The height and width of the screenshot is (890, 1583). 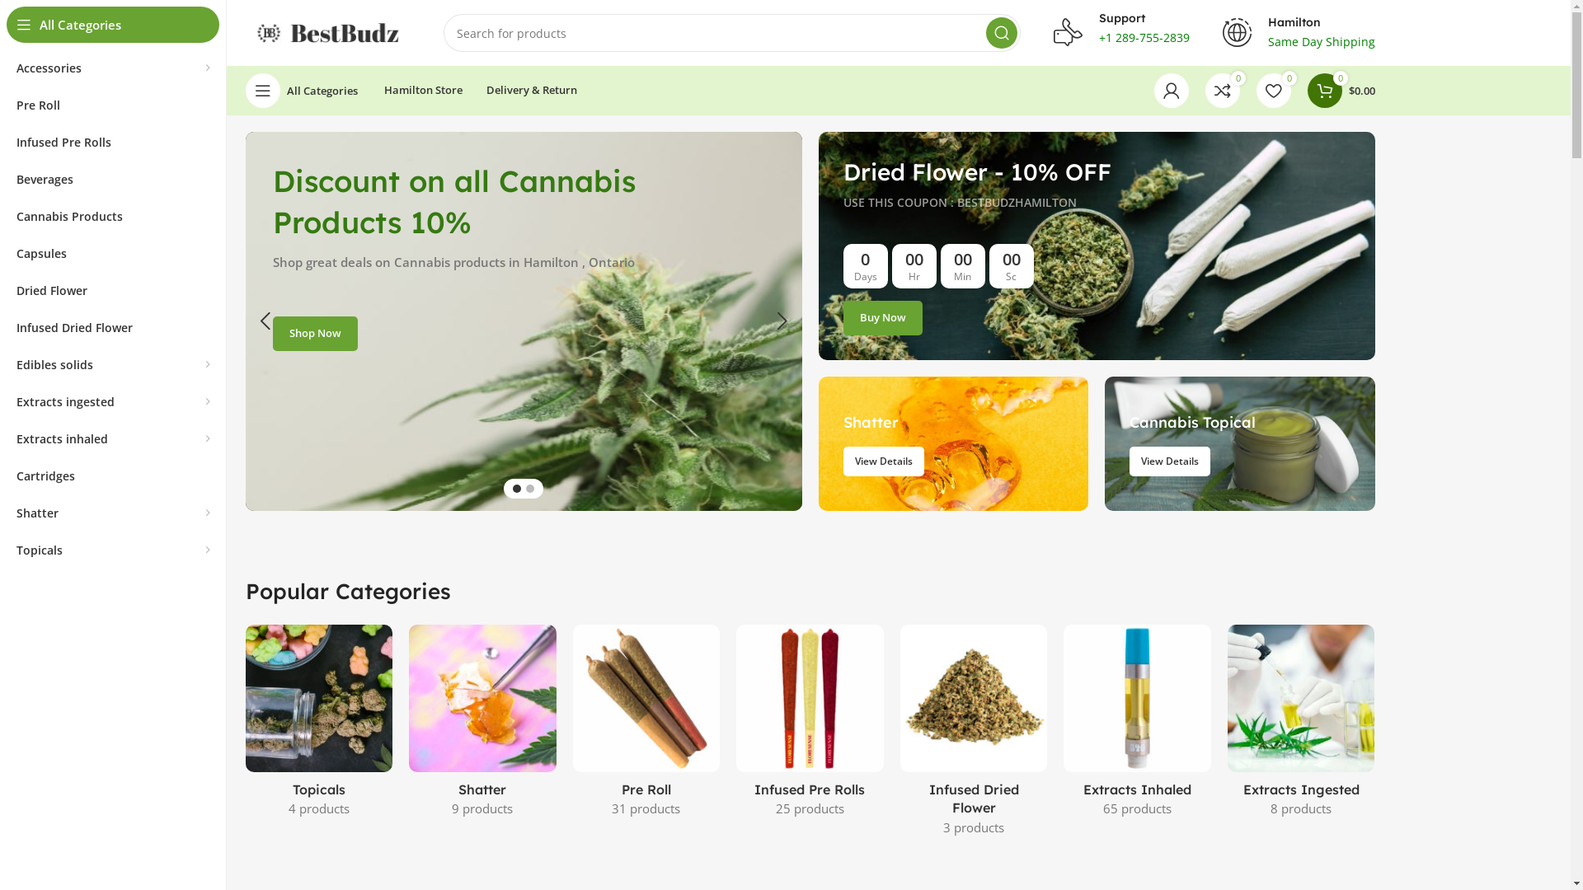 I want to click on '0', so click(x=1273, y=91).